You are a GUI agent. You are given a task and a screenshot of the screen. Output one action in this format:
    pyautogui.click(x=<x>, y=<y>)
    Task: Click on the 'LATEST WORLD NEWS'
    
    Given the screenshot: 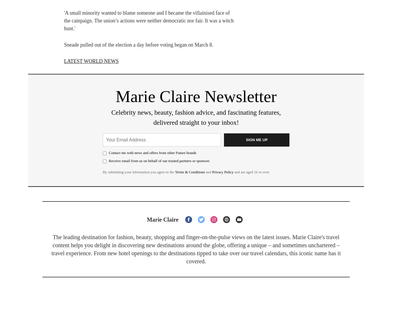 What is the action you would take?
    pyautogui.click(x=64, y=61)
    